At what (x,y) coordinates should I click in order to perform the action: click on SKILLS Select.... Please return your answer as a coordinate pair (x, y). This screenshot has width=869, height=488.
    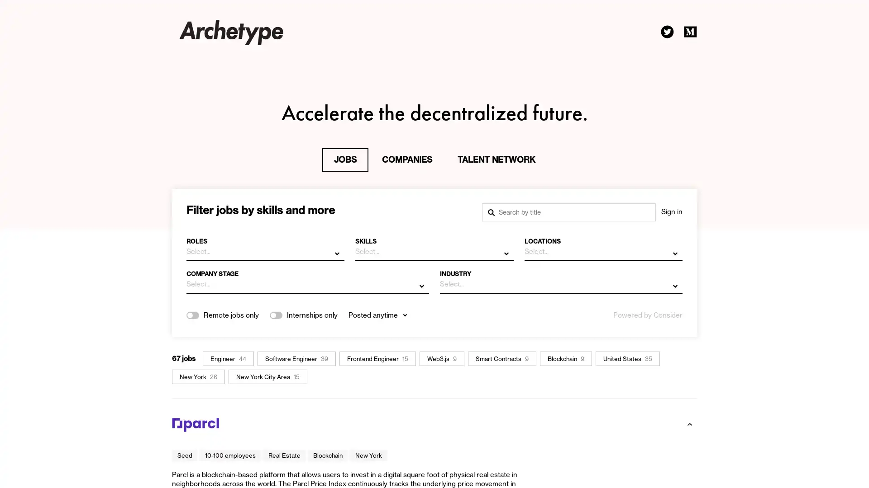
    Looking at the image, I should click on (434, 246).